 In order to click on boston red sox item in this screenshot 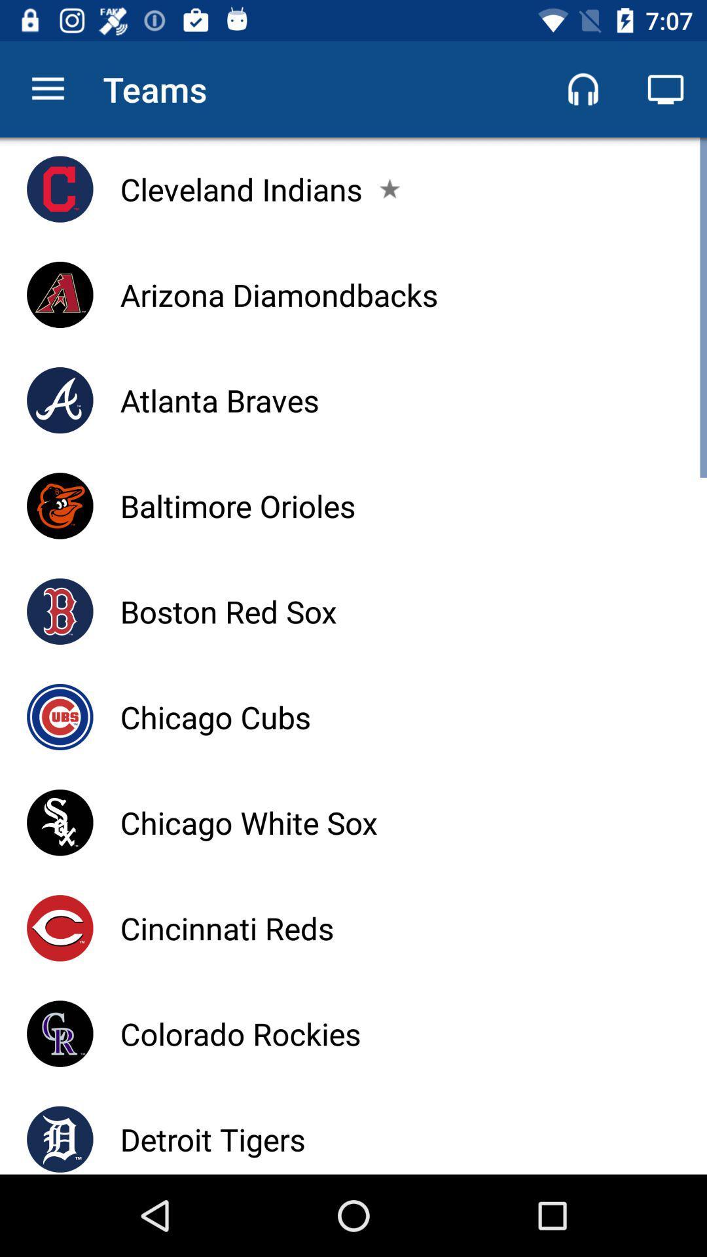, I will do `click(228, 611)`.